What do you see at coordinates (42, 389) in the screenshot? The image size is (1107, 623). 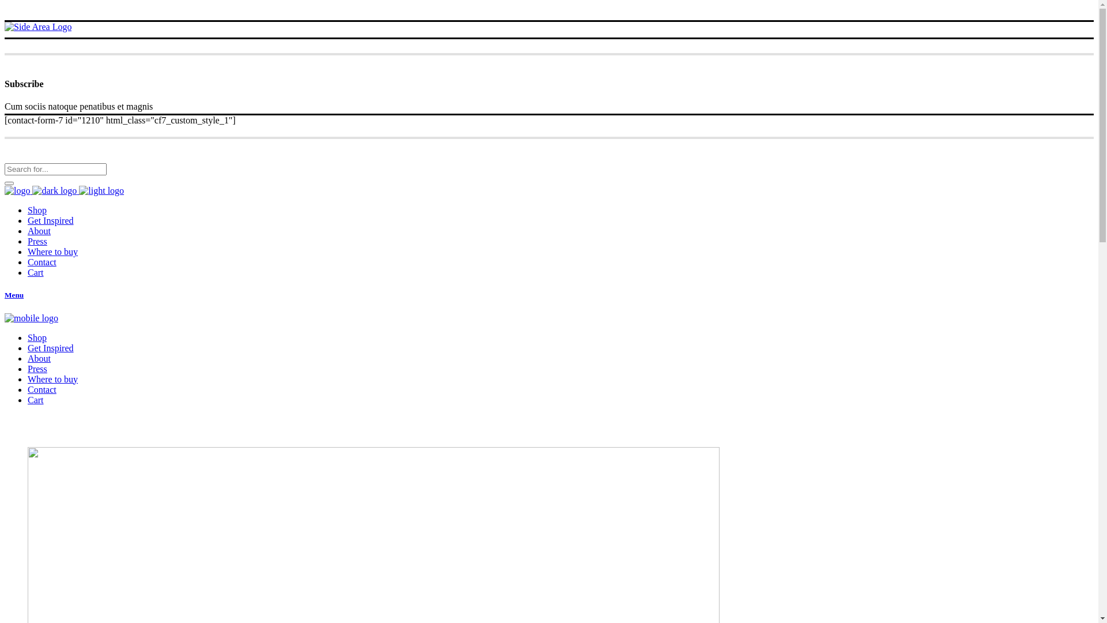 I see `'Contact'` at bounding box center [42, 389].